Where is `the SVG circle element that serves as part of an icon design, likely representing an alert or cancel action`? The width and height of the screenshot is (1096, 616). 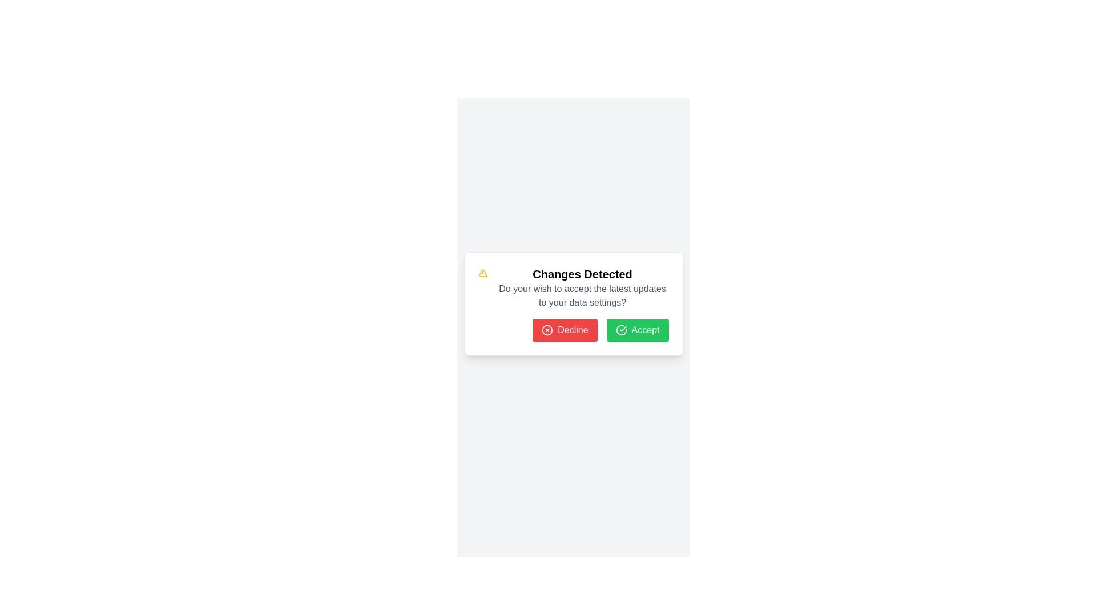 the SVG circle element that serves as part of an icon design, likely representing an alert or cancel action is located at coordinates (547, 330).